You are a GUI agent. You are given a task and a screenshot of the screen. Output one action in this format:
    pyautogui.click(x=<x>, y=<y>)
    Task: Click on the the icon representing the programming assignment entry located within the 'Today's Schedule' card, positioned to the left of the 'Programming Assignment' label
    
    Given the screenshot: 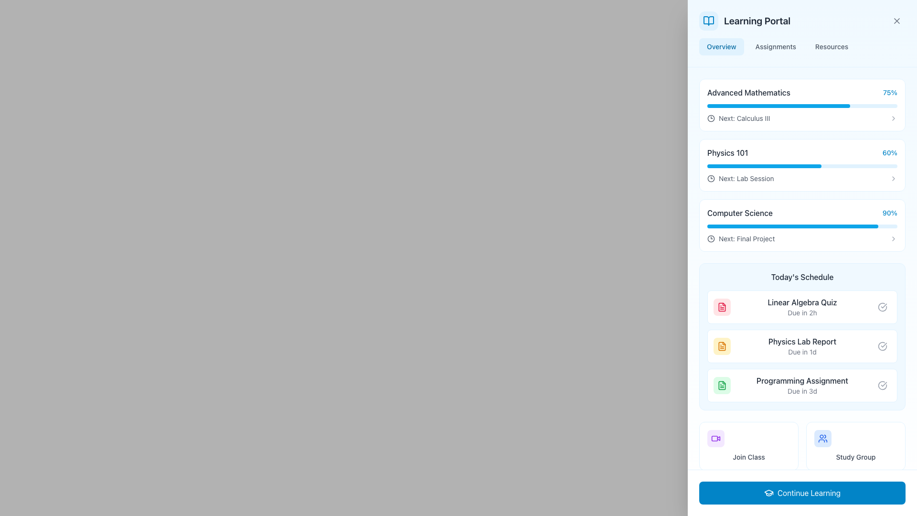 What is the action you would take?
    pyautogui.click(x=722, y=385)
    